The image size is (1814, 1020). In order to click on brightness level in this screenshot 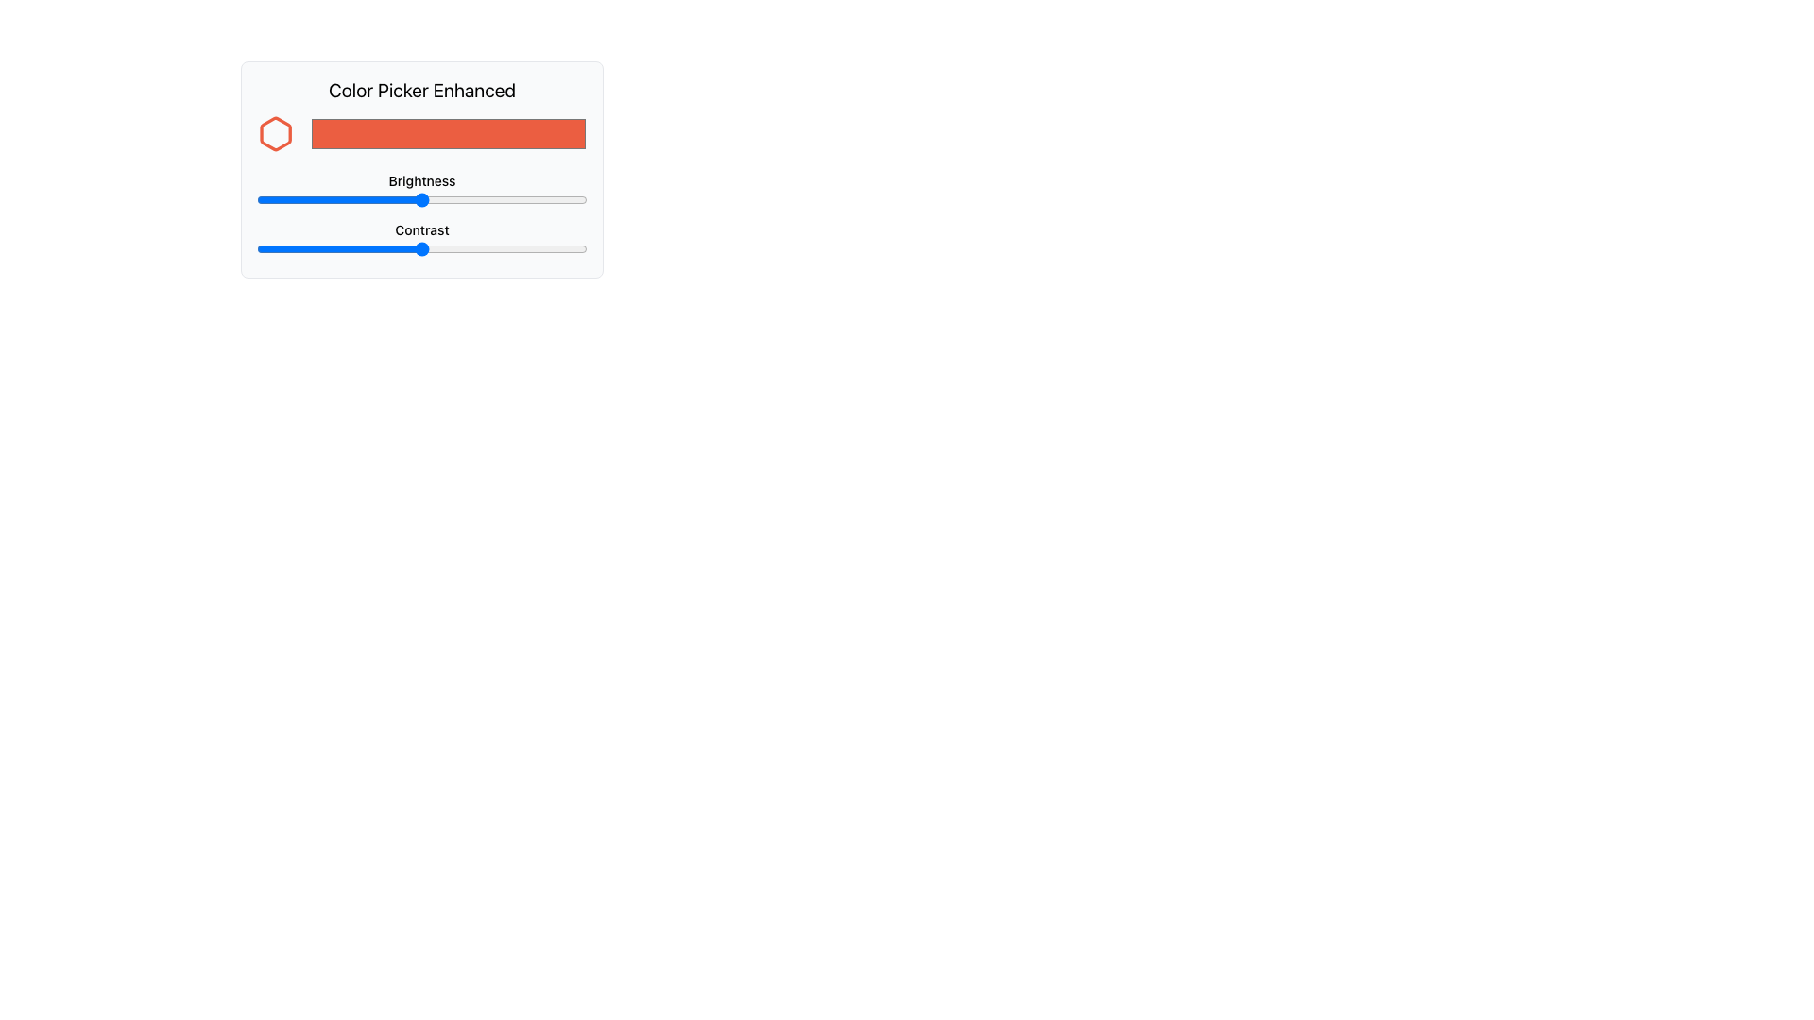, I will do `click(319, 200)`.